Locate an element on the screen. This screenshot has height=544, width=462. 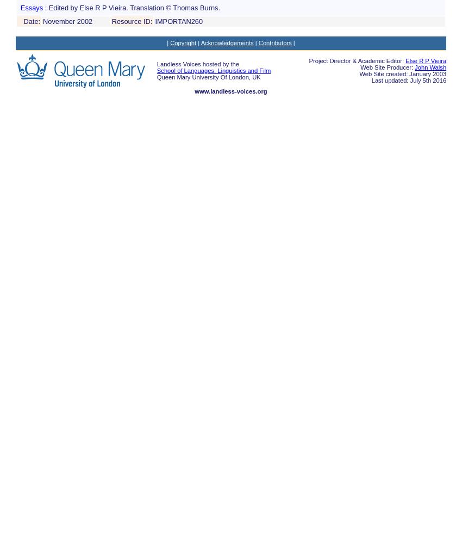
'Web Site Producer:' is located at coordinates (386, 67).